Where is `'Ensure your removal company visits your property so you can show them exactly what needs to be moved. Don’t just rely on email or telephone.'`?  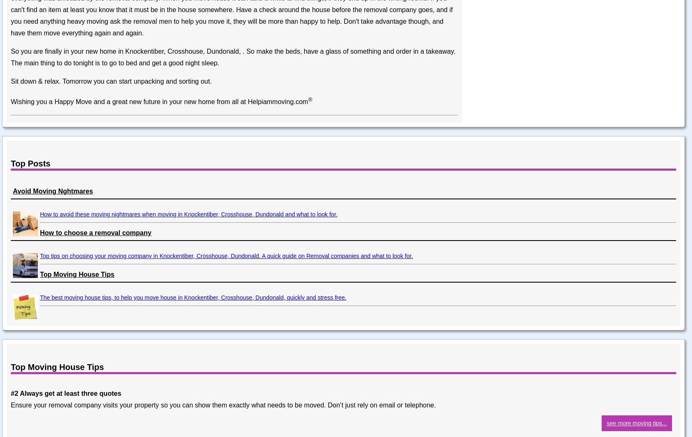
'Ensure your removal company visits your property so you can show them exactly what needs to be moved. Don’t just rely on email or telephone.' is located at coordinates (222, 405).